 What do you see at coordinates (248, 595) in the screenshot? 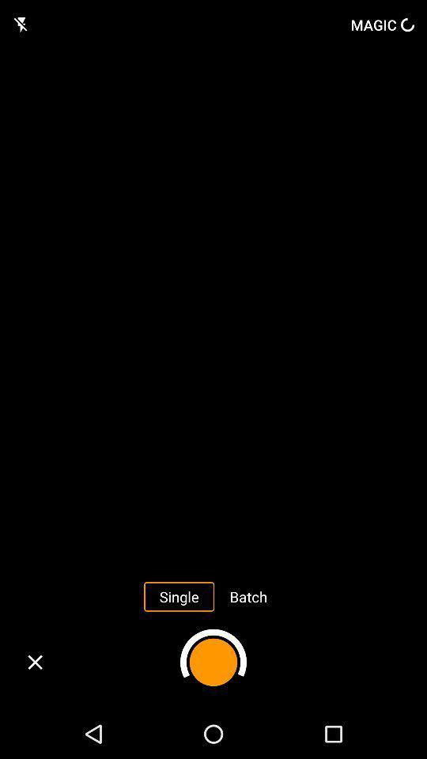
I see `the icon next to single` at bounding box center [248, 595].